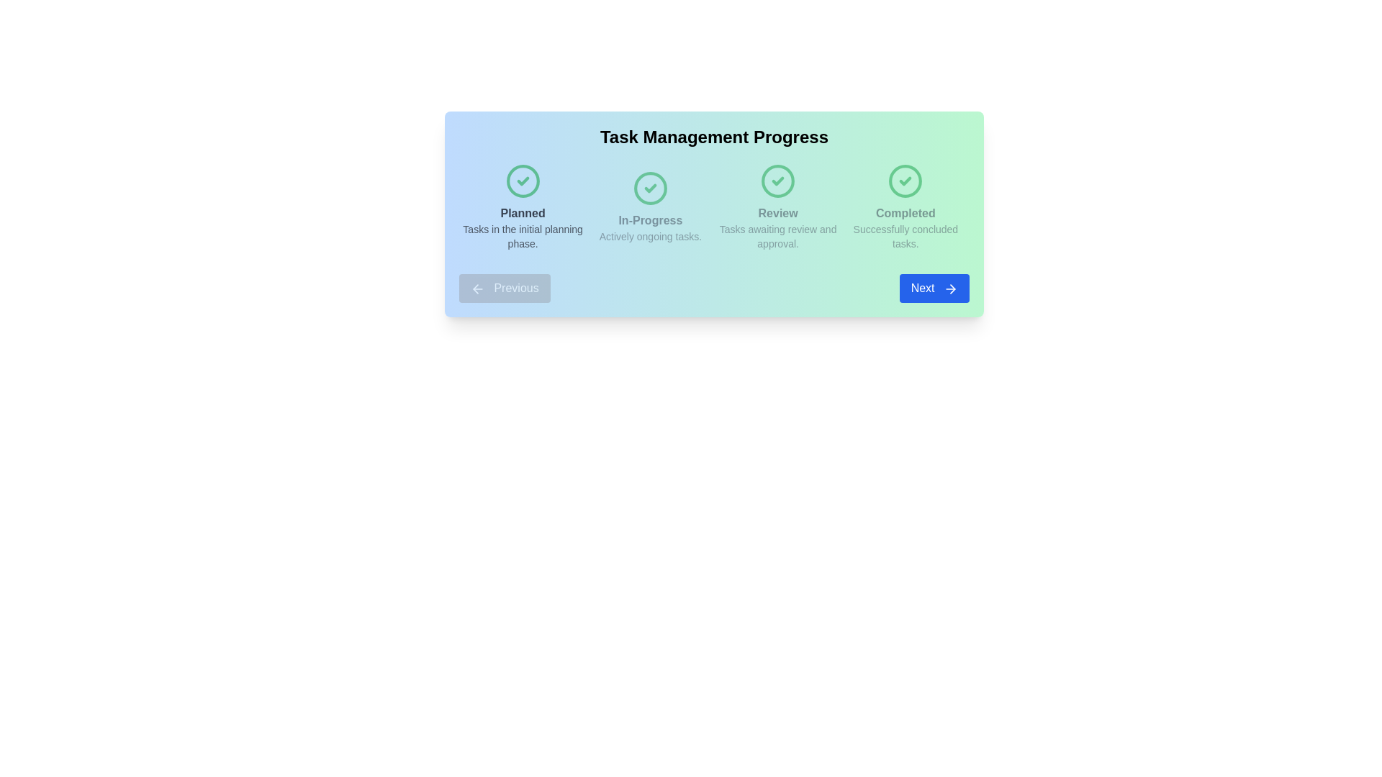 The image size is (1382, 777). Describe the element at coordinates (505, 288) in the screenshot. I see `the 'Previous' button to navigate to the prior stage` at that location.